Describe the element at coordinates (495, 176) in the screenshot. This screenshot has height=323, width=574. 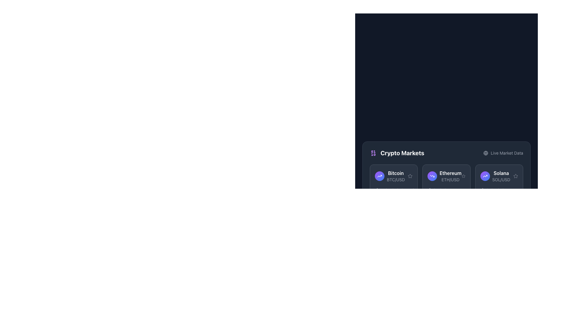
I see `the 'Solana' informational card` at that location.